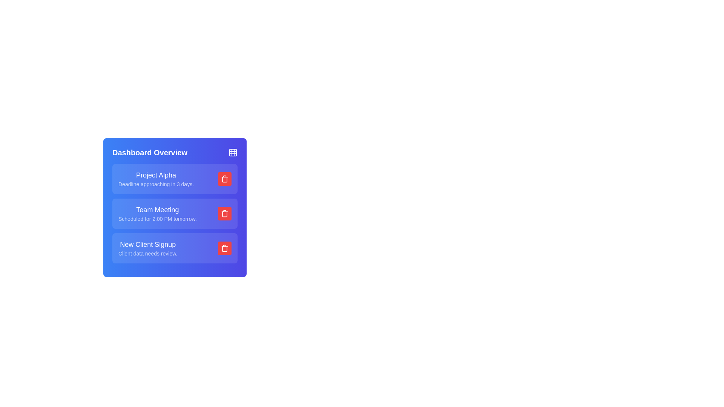  What do you see at coordinates (224, 248) in the screenshot?
I see `the delete button located in the bottom-right corner of the 'New Client Signup' card to observe a color change` at bounding box center [224, 248].